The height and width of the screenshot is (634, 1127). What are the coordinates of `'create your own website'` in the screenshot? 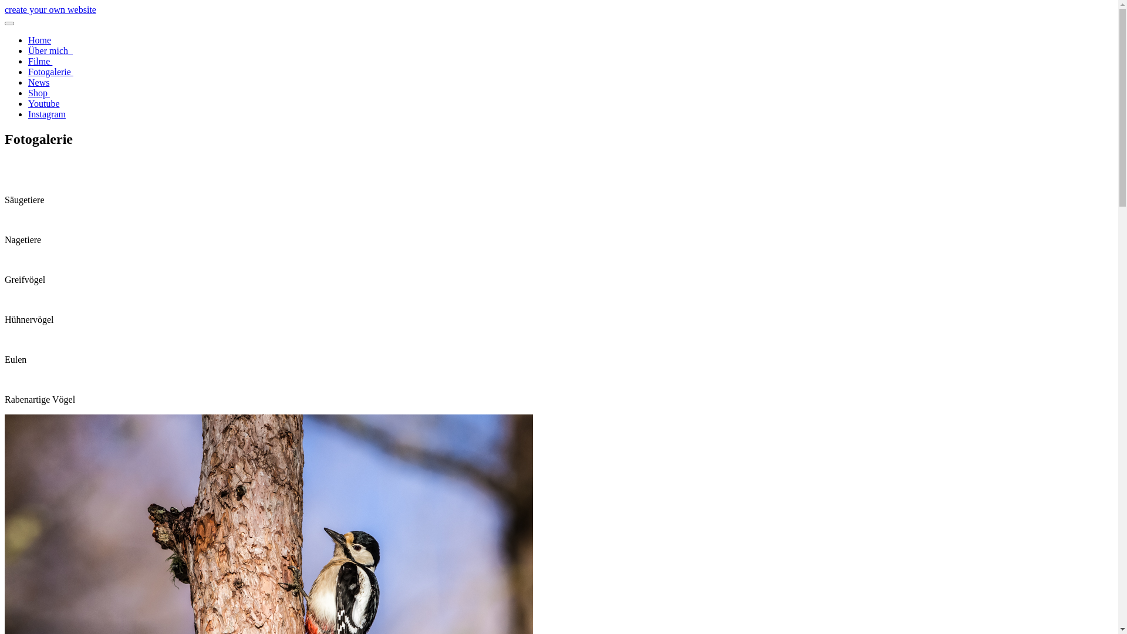 It's located at (50, 9).